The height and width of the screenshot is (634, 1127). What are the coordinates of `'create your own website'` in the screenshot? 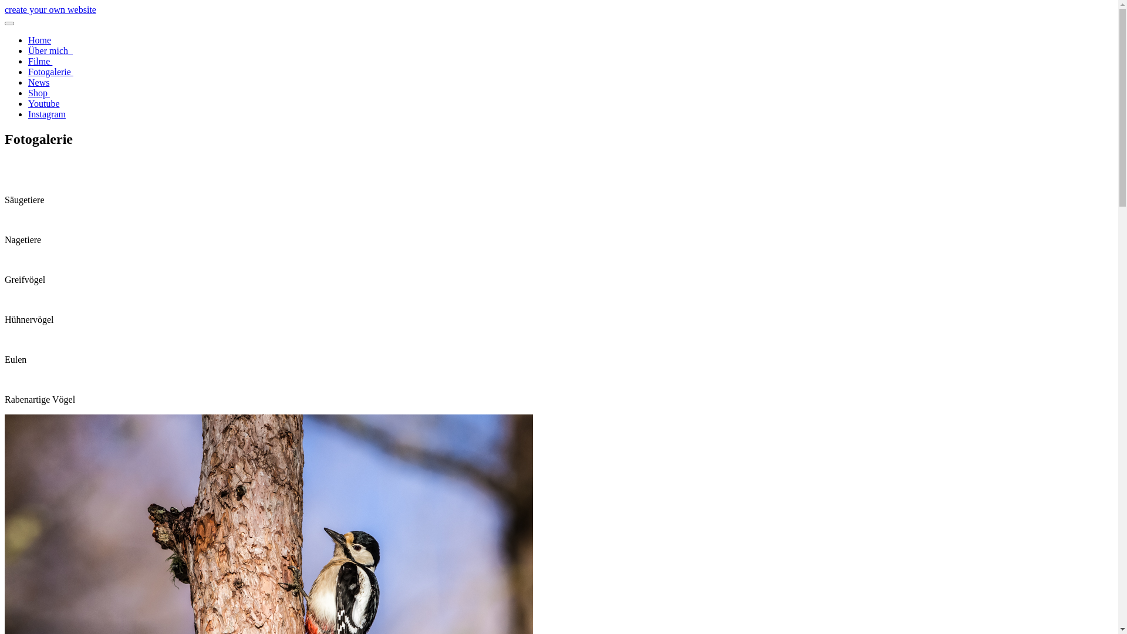 It's located at (50, 9).